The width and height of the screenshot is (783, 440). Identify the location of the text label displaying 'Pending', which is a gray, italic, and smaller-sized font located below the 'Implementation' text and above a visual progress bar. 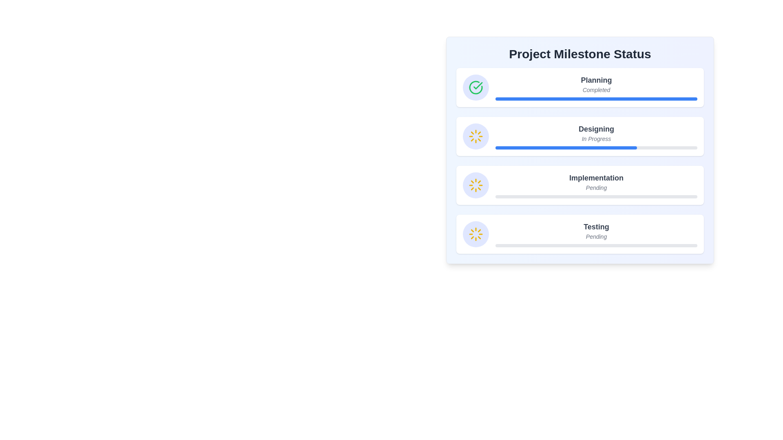
(596, 188).